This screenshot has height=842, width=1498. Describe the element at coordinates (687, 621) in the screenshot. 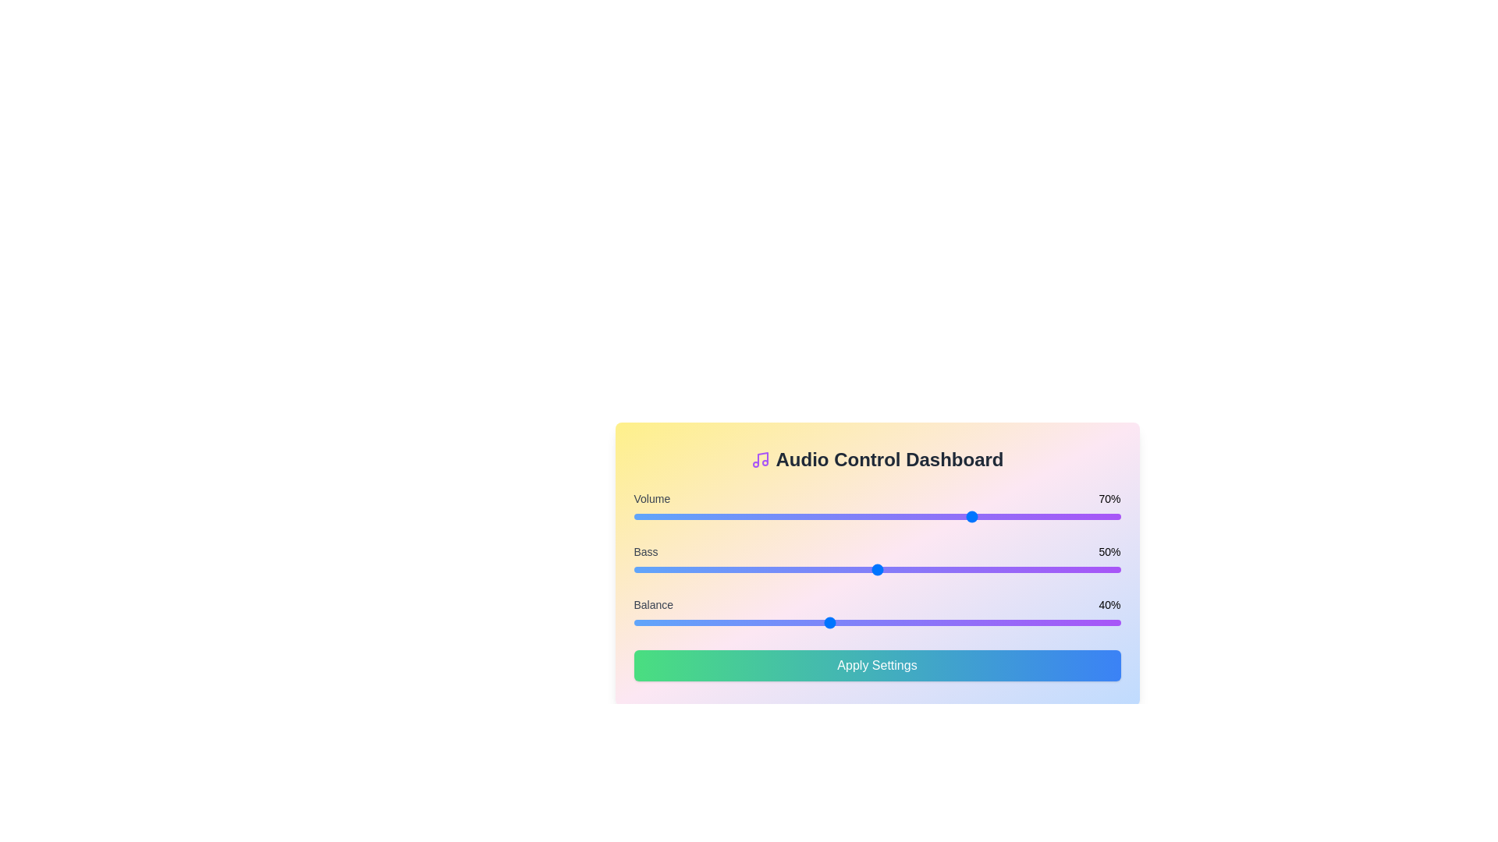

I see `balance` at that location.